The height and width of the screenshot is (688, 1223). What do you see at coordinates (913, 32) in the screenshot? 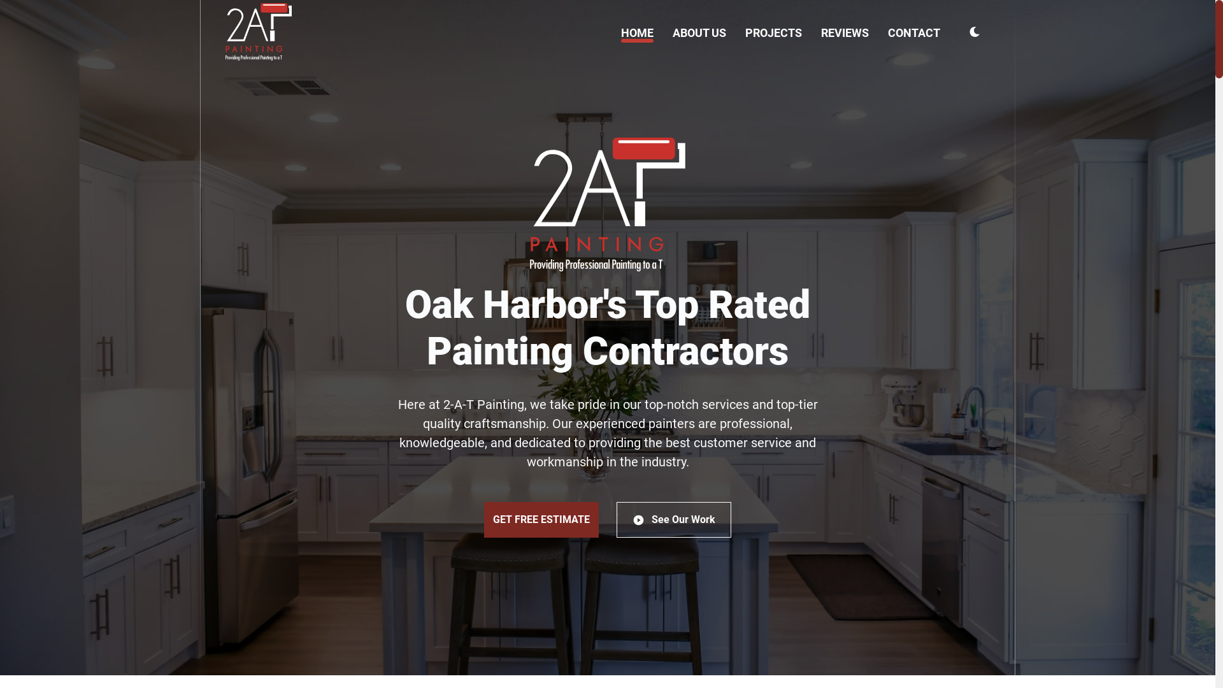
I see `'CONTACT'` at bounding box center [913, 32].